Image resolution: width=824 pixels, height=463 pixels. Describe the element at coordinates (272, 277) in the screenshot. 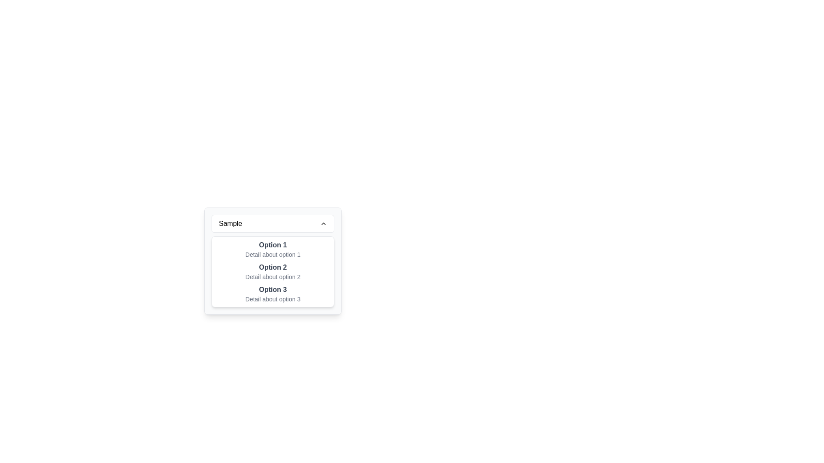

I see `the label reading 'Detail about option 2', which is styled in a smaller font and lighter gray color, located beneath the title 'Option 2'` at that location.